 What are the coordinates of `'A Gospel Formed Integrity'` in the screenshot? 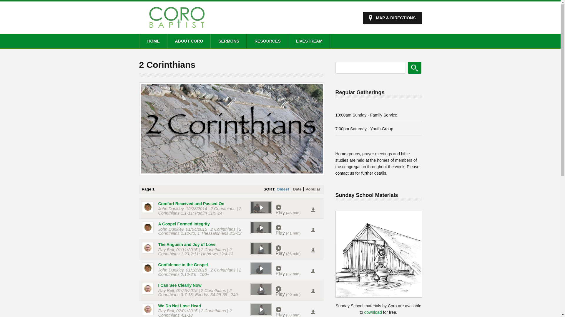 It's located at (184, 224).